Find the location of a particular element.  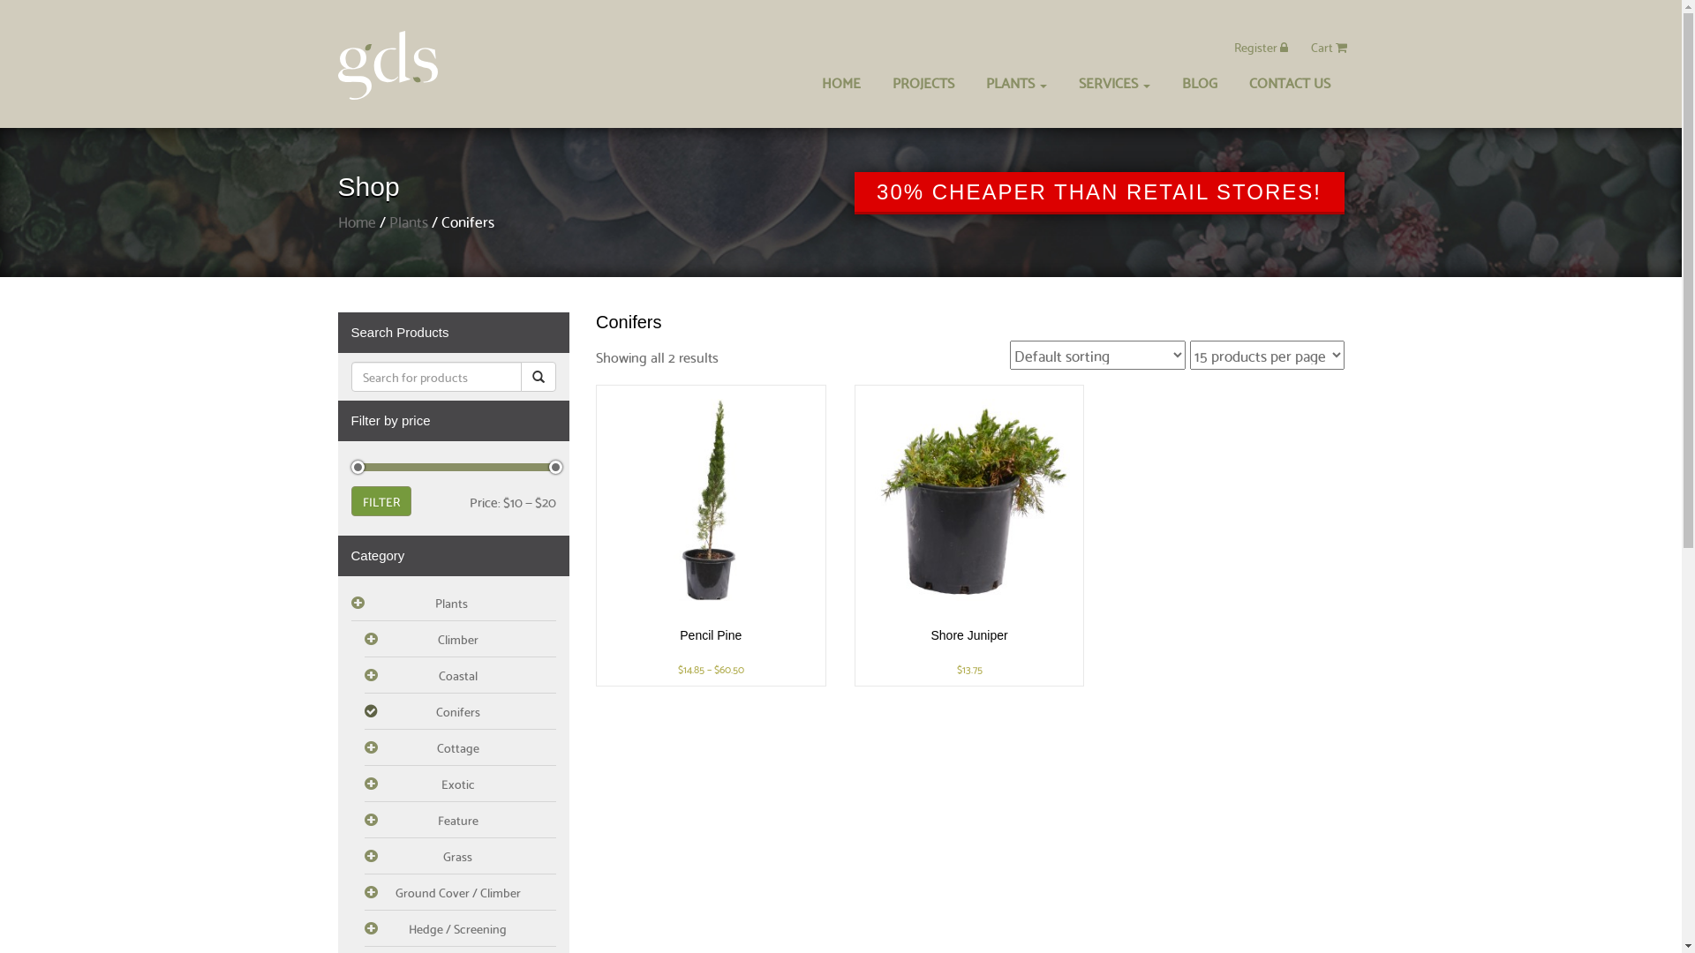

'Plants' is located at coordinates (454, 602).